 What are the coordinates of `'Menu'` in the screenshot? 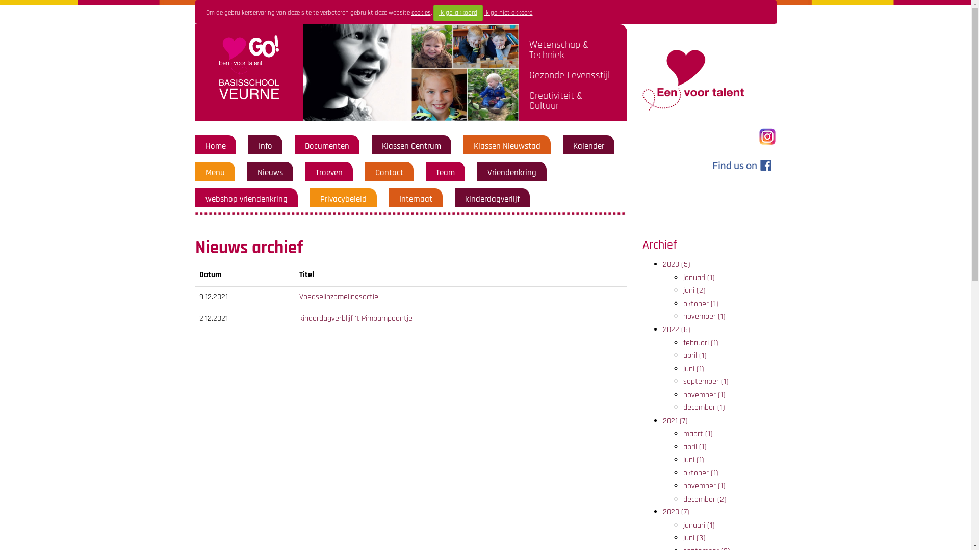 It's located at (214, 172).